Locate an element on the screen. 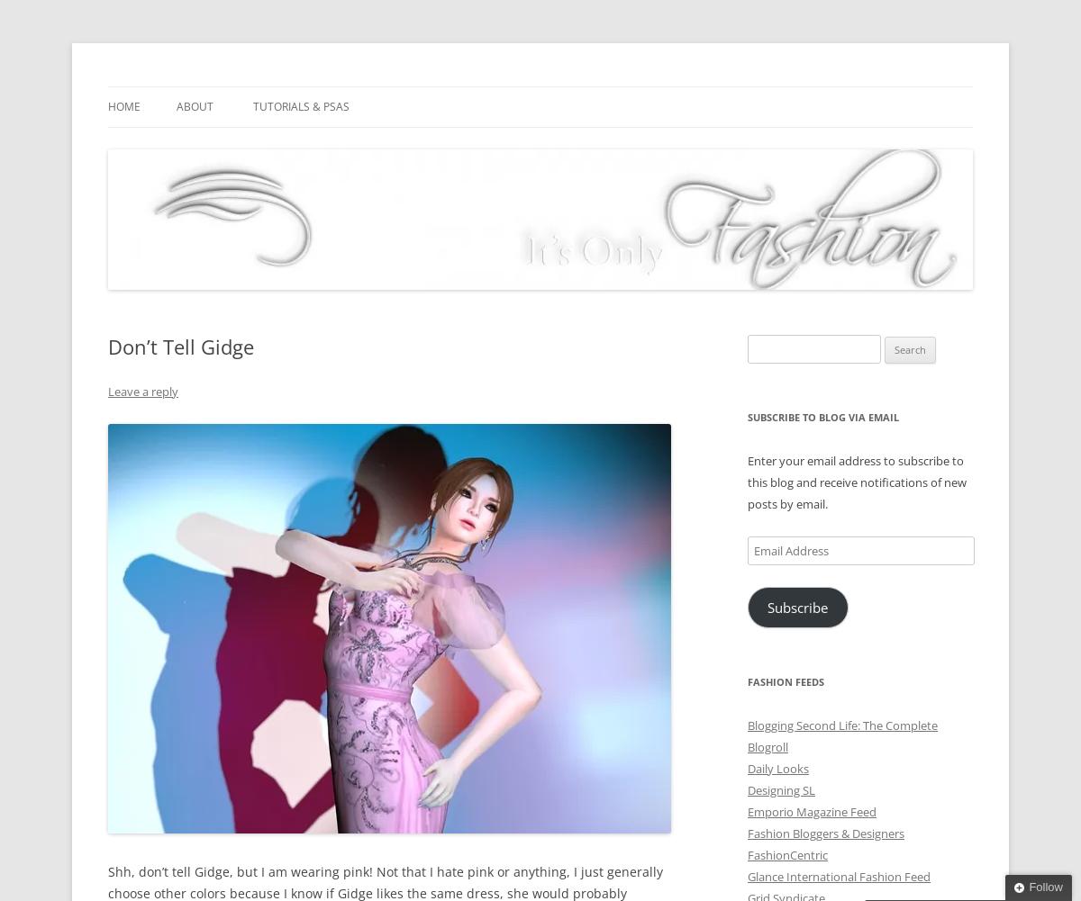 This screenshot has width=1081, height=901. 'Emporio Magazine Feed' is located at coordinates (812, 811).